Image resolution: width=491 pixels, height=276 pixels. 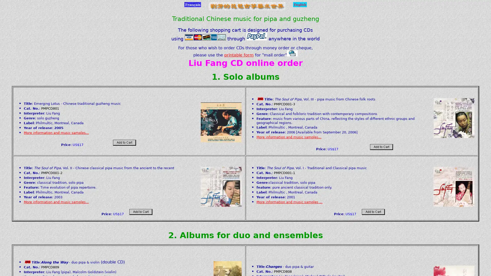 What do you see at coordinates (382, 147) in the screenshot?
I see `Add to card: Make payments with PayPal - it's fast, free and secure!` at bounding box center [382, 147].